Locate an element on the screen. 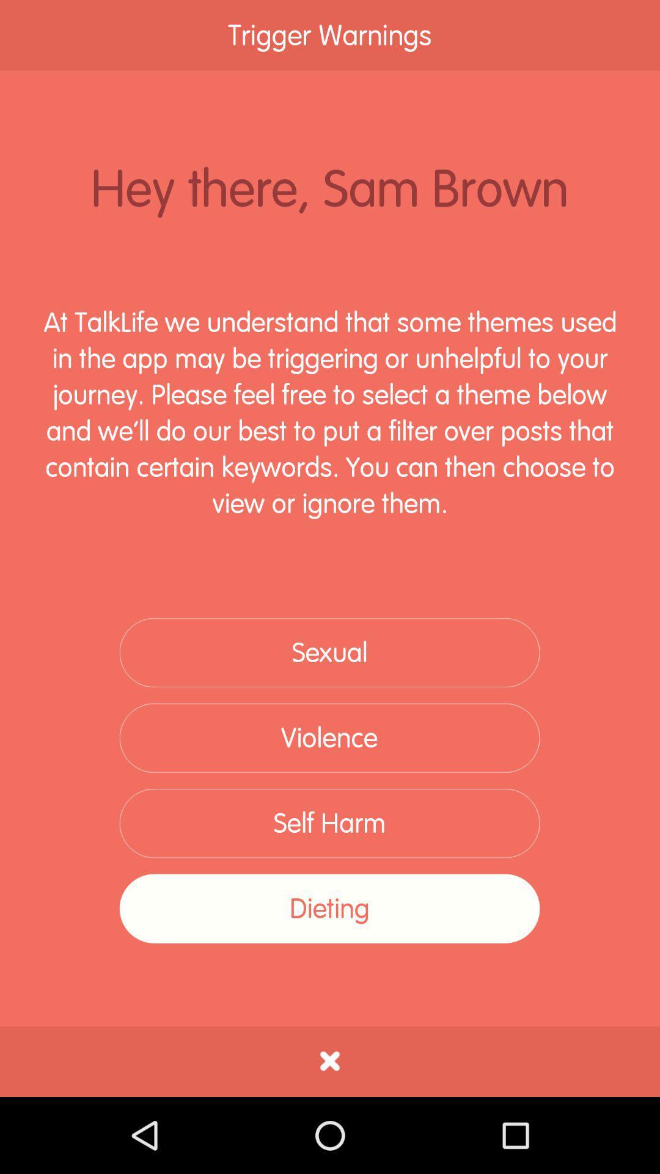 The image size is (660, 1174). the violence item is located at coordinates (329, 737).